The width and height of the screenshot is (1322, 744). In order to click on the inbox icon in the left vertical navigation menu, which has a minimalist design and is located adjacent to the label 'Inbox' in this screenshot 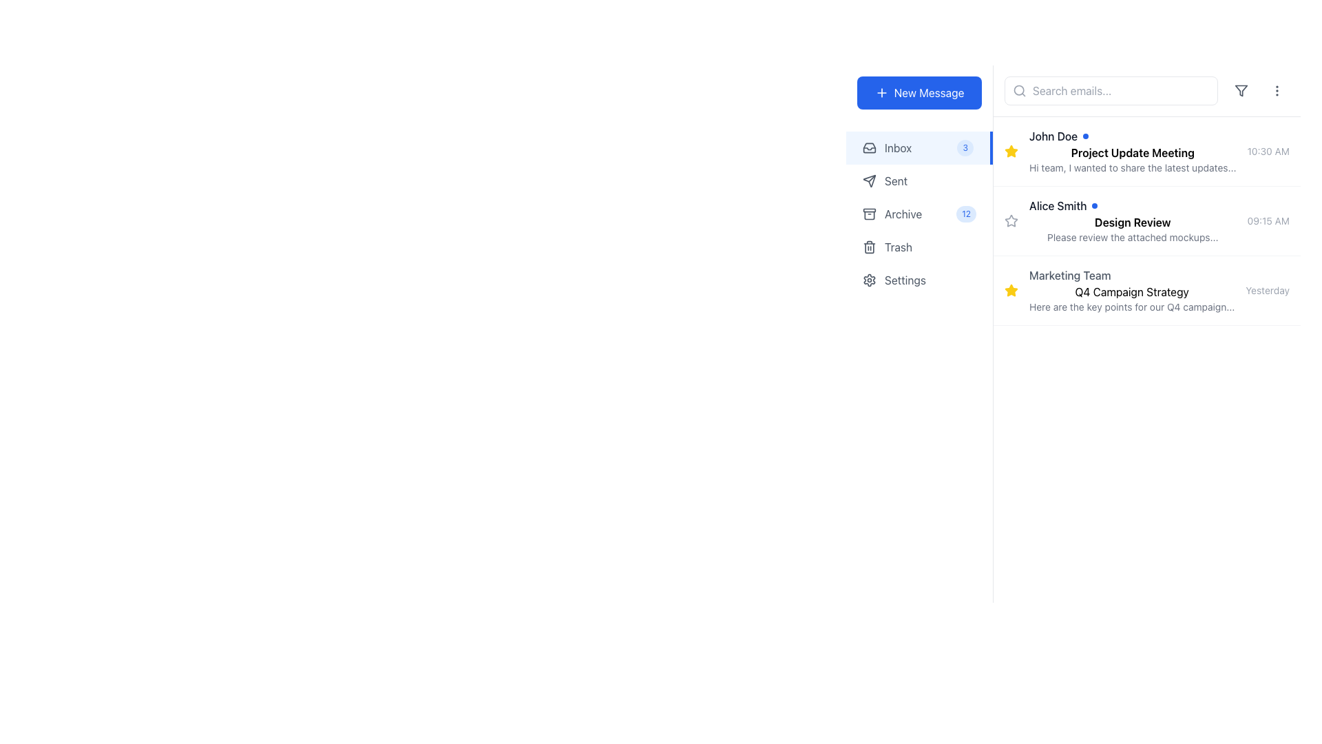, I will do `click(868, 148)`.